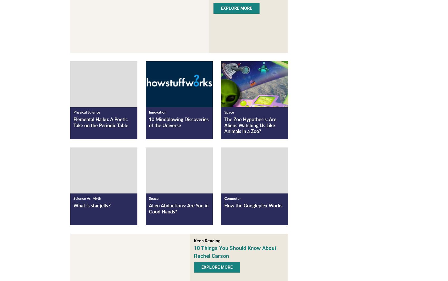 Image resolution: width=448 pixels, height=281 pixels. I want to click on 'Elemental Haiku: A Poetic Take on the Periodic Table', so click(101, 124).